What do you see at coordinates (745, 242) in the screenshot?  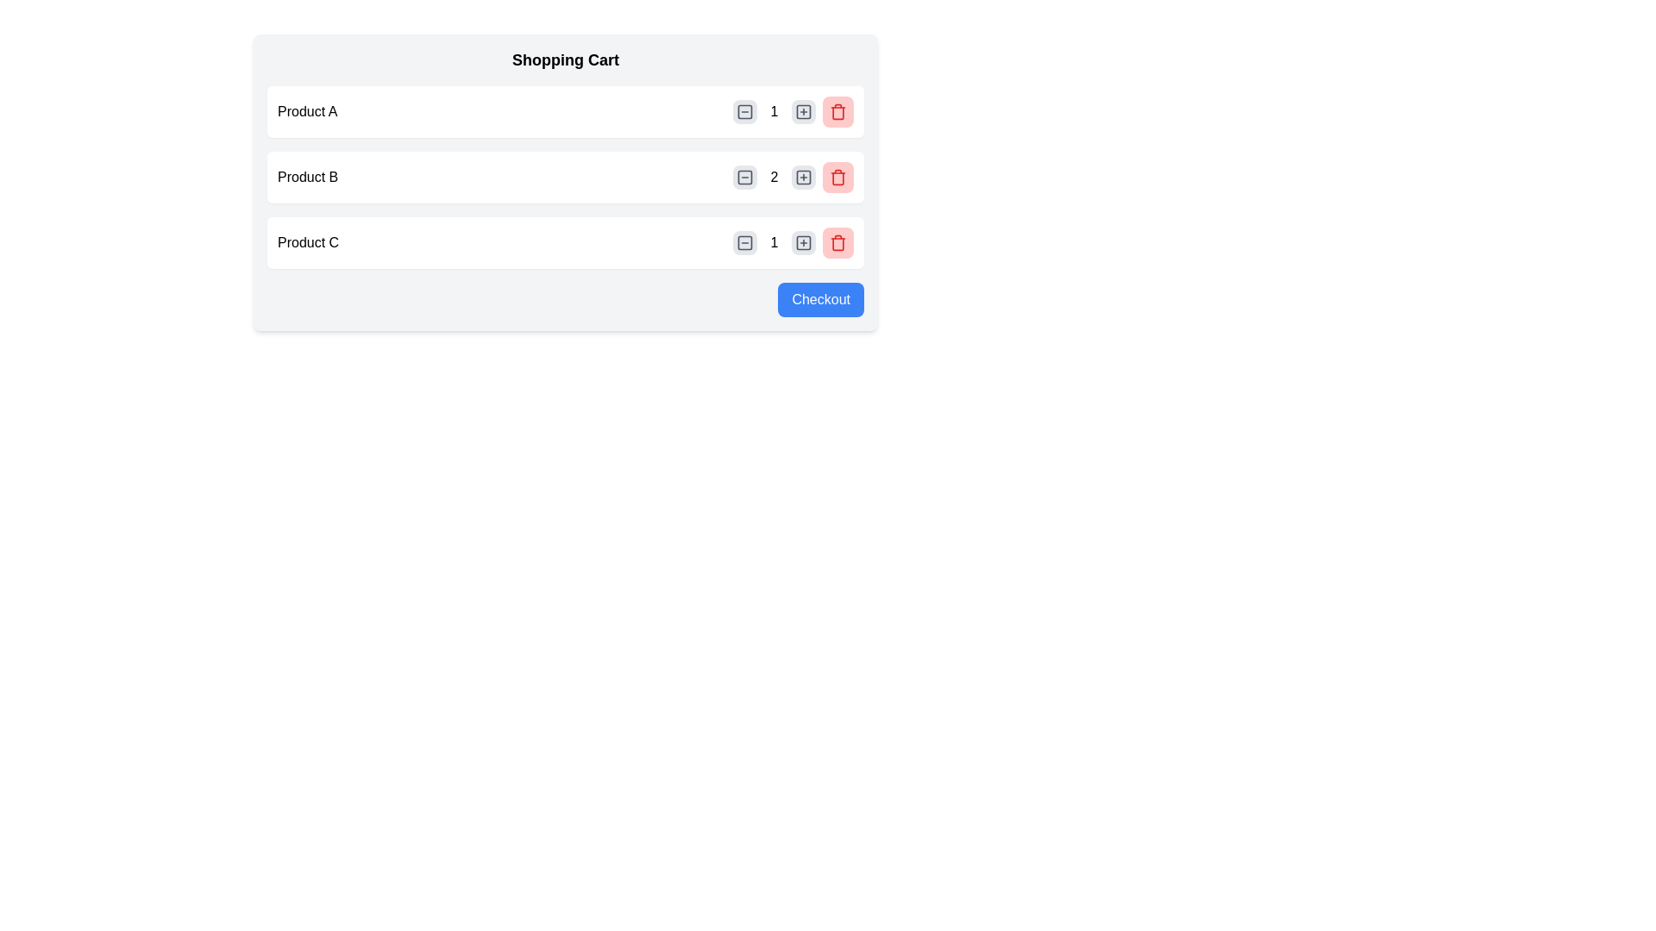 I see `the decrement button for product quantity in the shopping cart interface` at bounding box center [745, 242].